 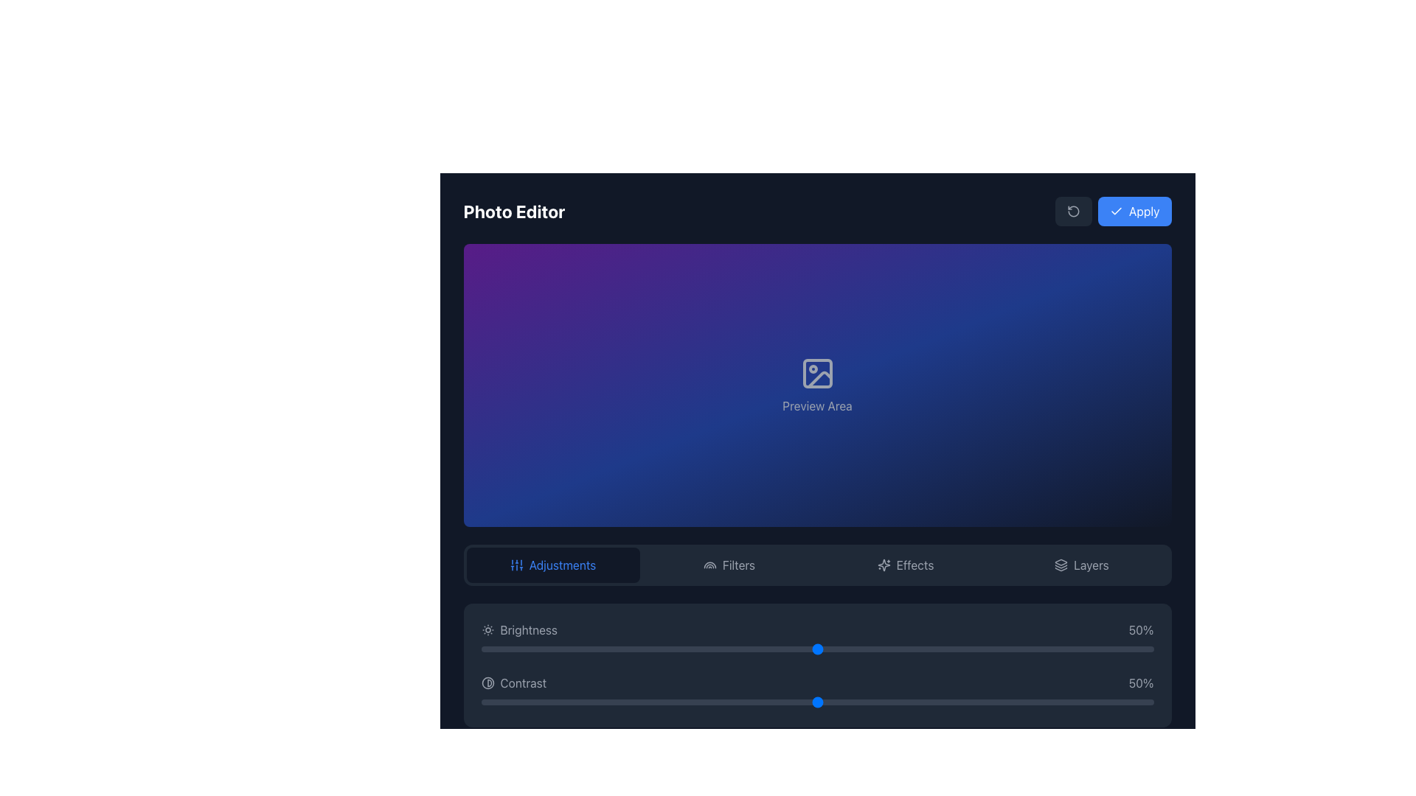 I want to click on the star-like icon with a sparkles design located in the 'Effects' tab of the photo editor interface, positioned leftmost adjacent to the label 'Effects', so click(x=884, y=565).